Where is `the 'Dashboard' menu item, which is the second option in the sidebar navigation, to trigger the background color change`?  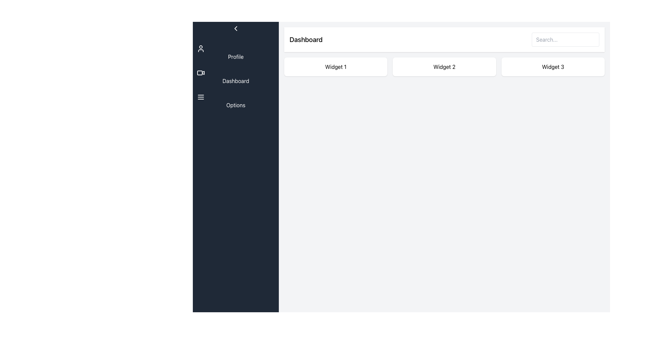
the 'Dashboard' menu item, which is the second option in the sidebar navigation, to trigger the background color change is located at coordinates (235, 76).